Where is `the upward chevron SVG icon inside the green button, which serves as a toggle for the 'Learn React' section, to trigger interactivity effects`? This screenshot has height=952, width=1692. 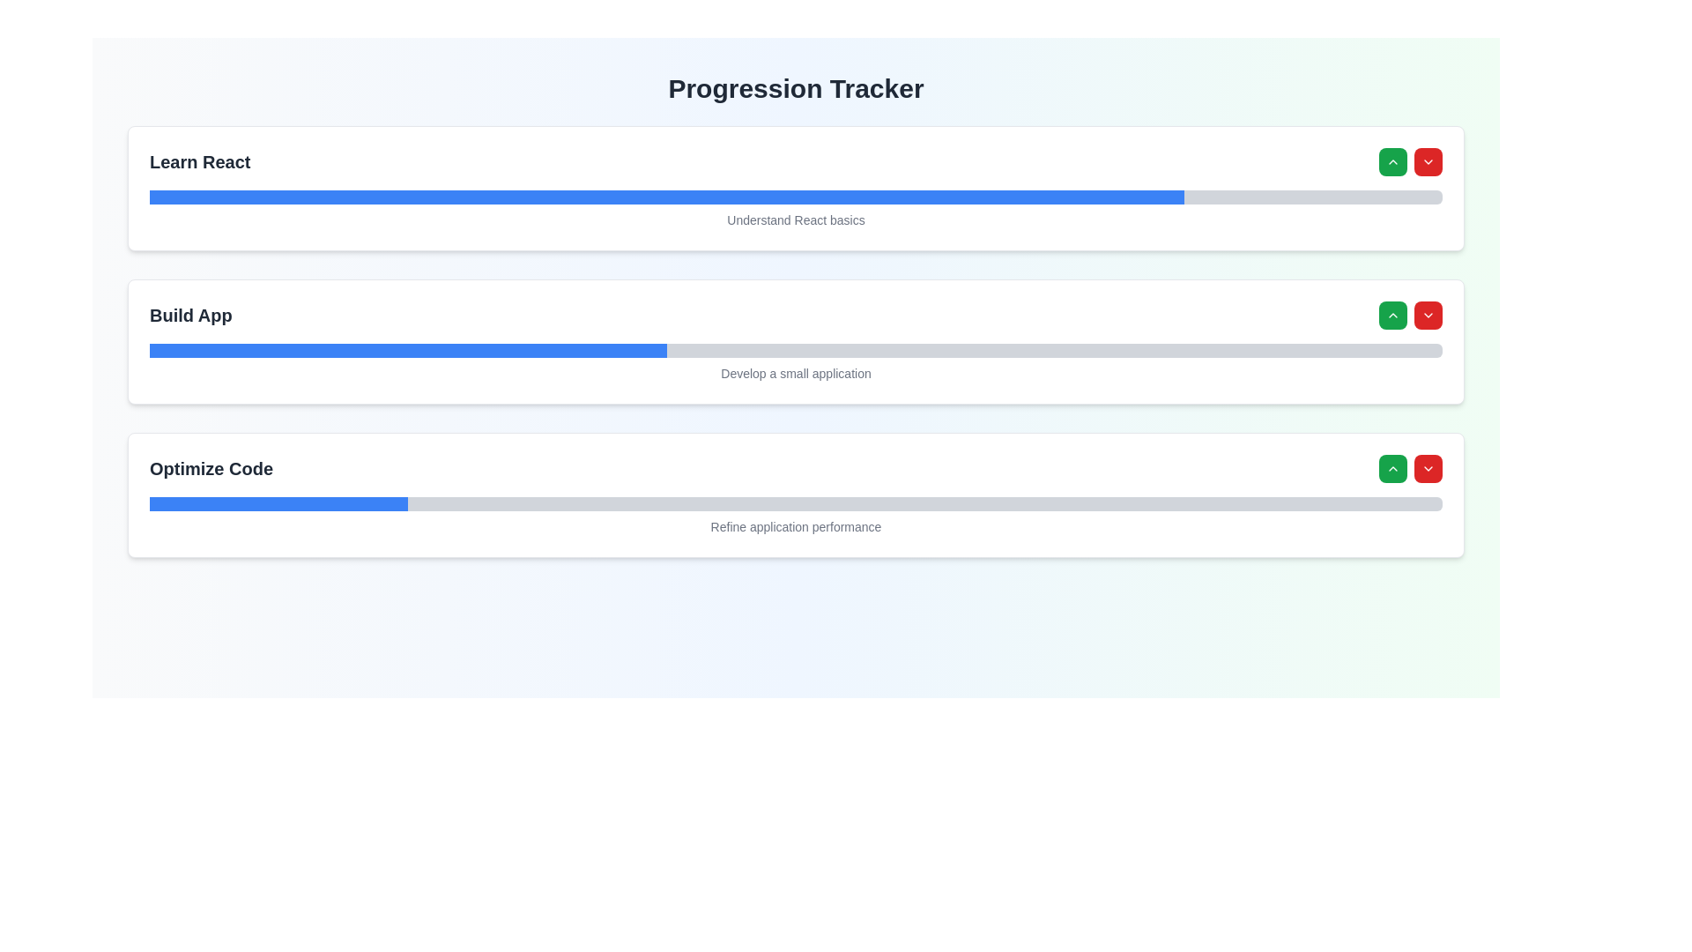 the upward chevron SVG icon inside the green button, which serves as a toggle for the 'Learn React' section, to trigger interactivity effects is located at coordinates (1391, 162).